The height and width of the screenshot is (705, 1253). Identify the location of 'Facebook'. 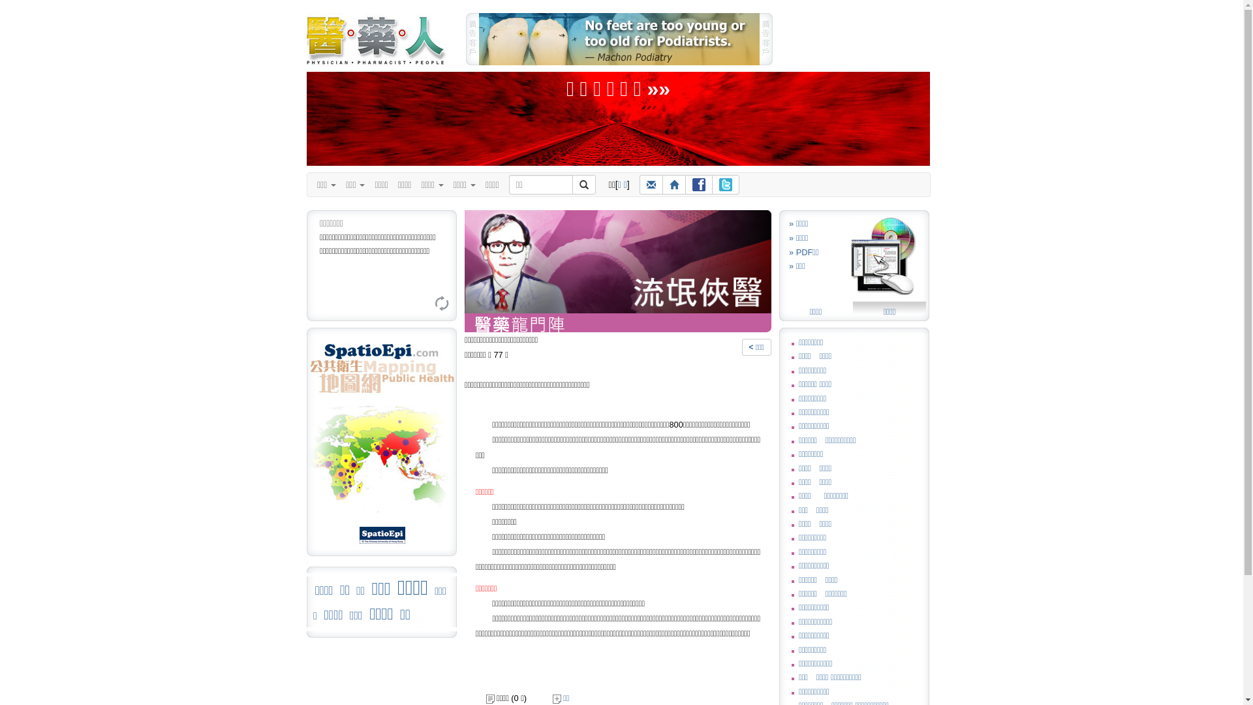
(685, 184).